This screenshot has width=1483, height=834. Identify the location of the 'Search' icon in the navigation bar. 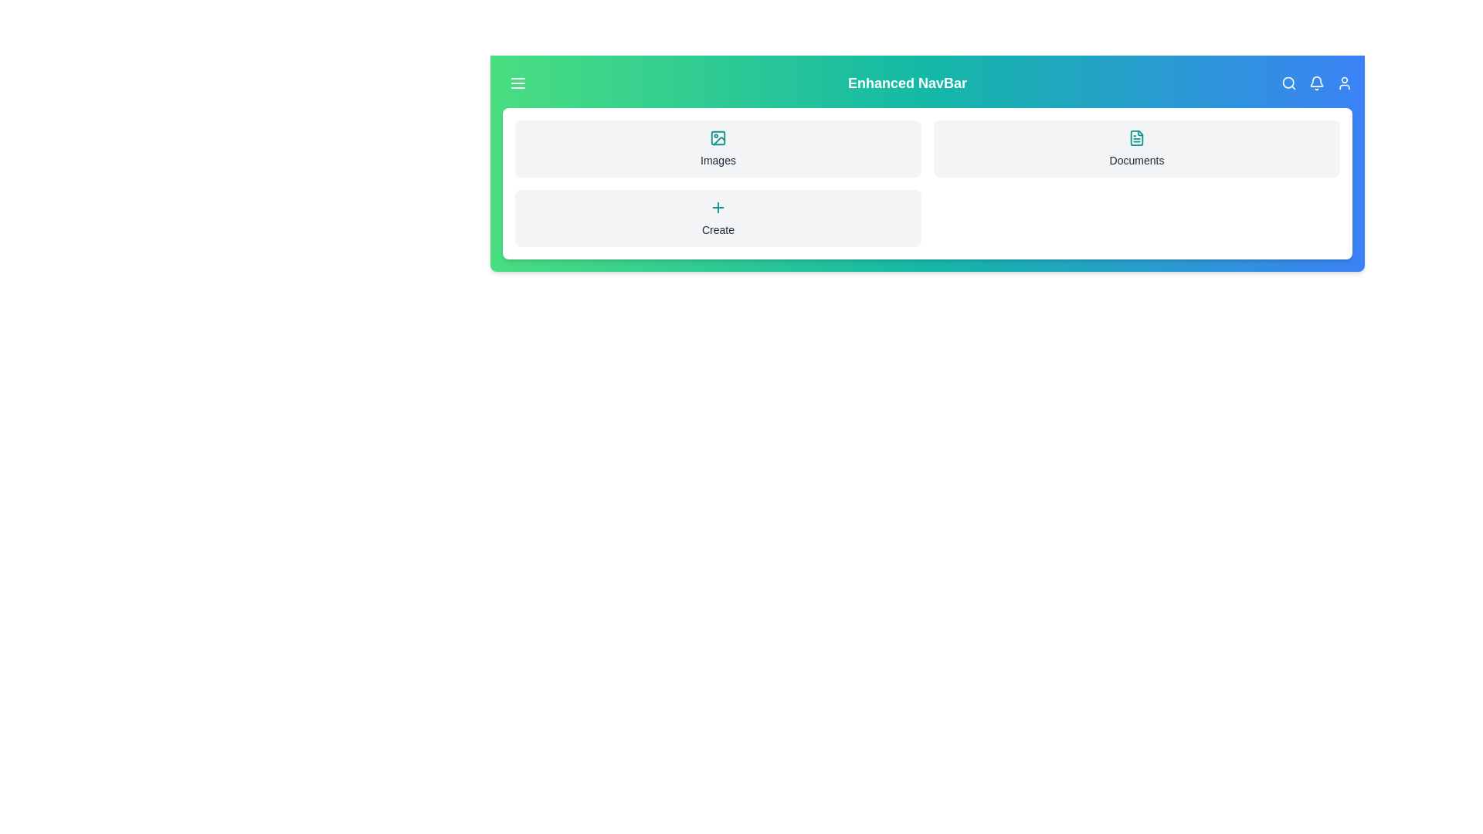
(1289, 83).